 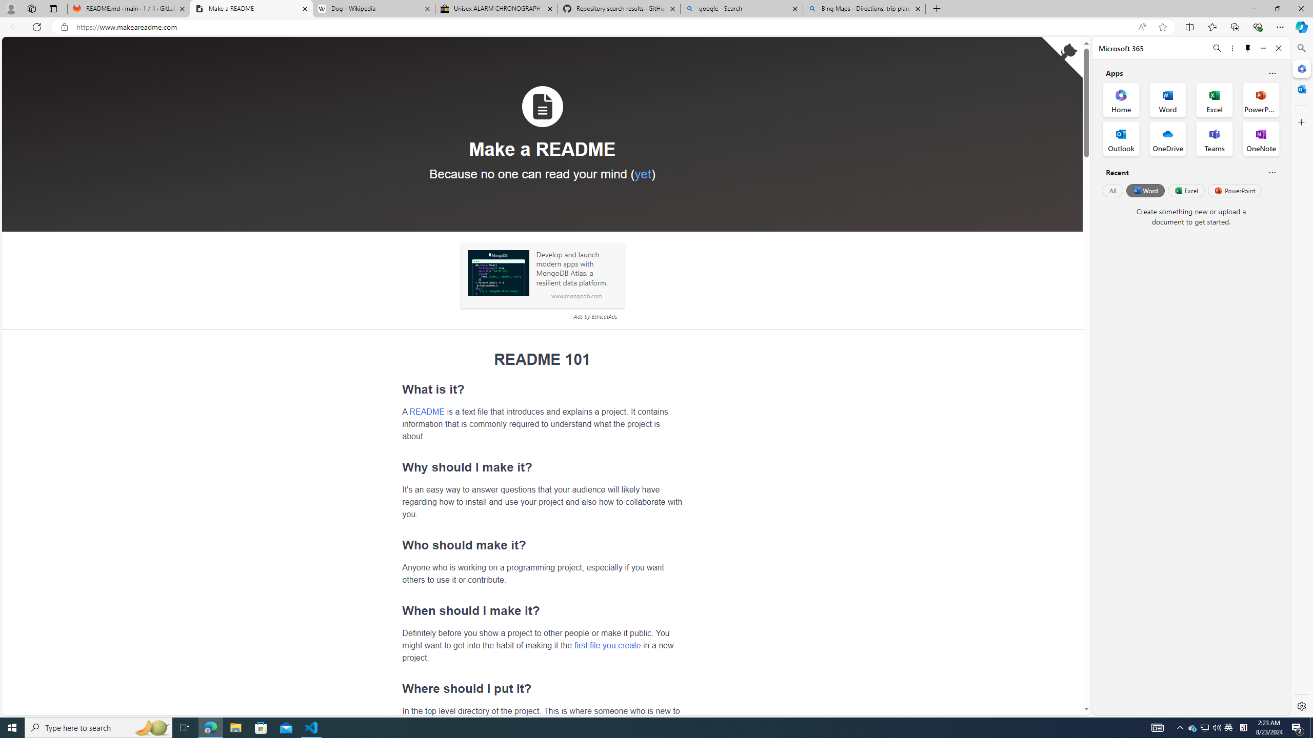 What do you see at coordinates (498, 273) in the screenshot?
I see `'Sponsored: MongoDB'` at bounding box center [498, 273].